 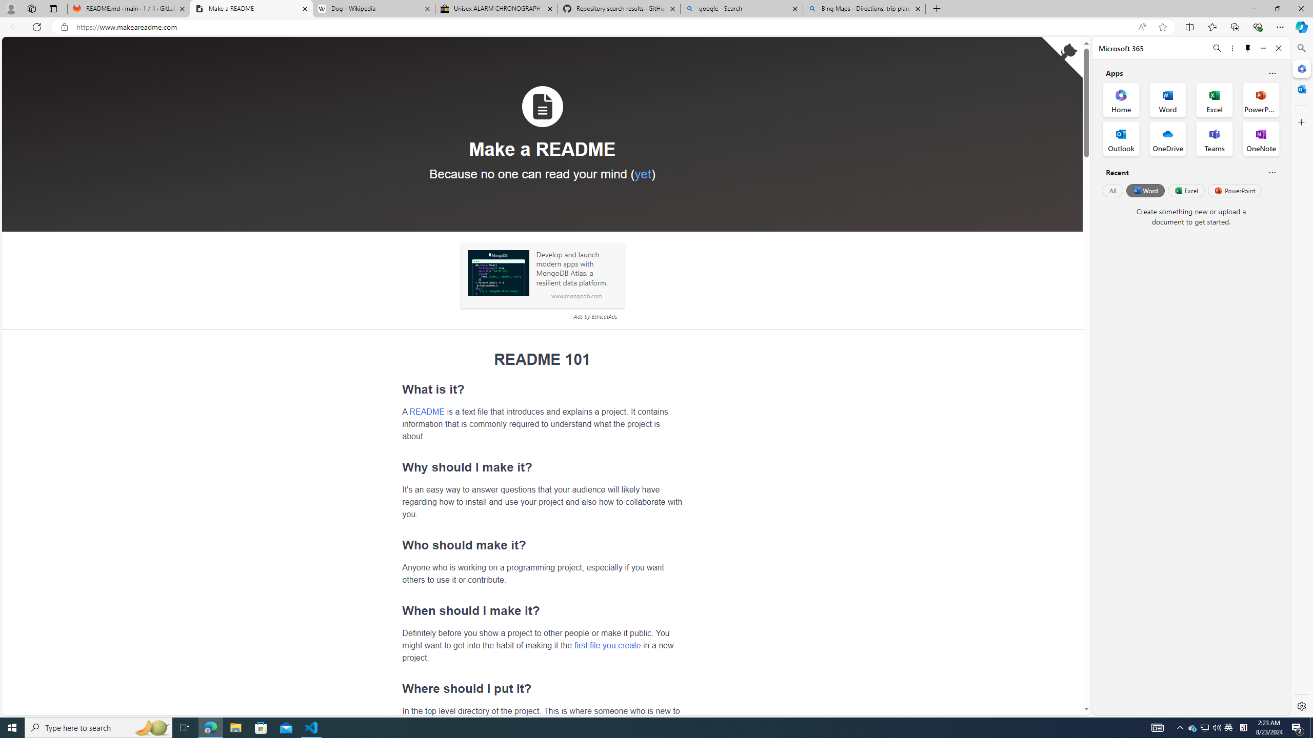 What do you see at coordinates (498, 273) in the screenshot?
I see `'Sponsored: MongoDB'` at bounding box center [498, 273].